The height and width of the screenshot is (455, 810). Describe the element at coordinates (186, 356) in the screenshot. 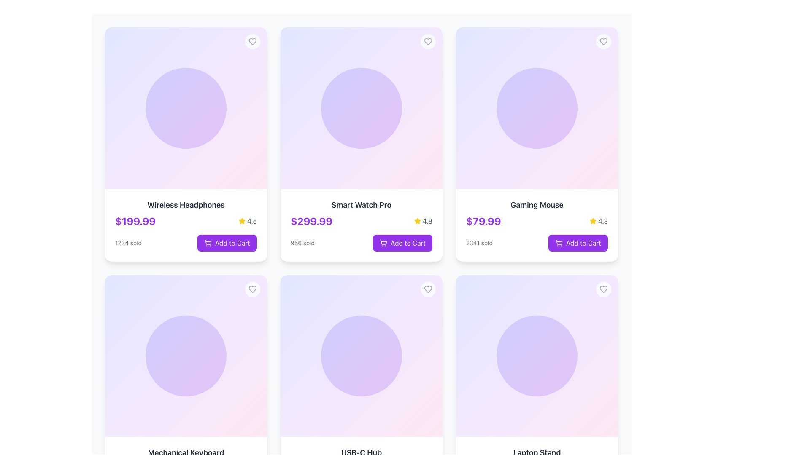

I see `the decorative circular graphical component with a gradient color scheme, located in the first card of the second row in a grid layout` at that location.